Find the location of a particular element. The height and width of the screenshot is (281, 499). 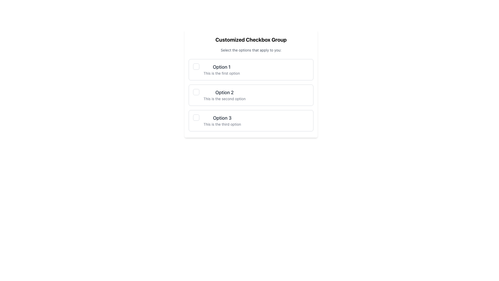

the Text label that serves as a title or heading above the checkbox group is located at coordinates (251, 40).